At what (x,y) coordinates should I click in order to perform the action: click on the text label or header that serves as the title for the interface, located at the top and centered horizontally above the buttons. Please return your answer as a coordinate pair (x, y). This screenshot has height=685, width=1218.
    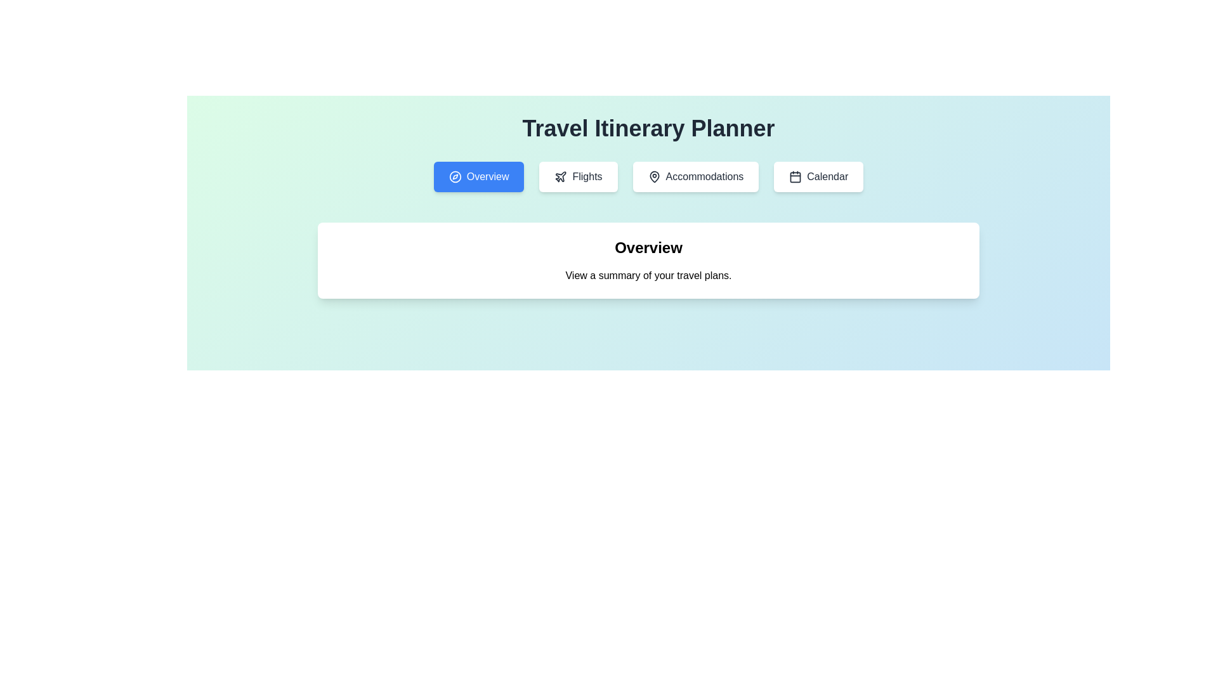
    Looking at the image, I should click on (648, 129).